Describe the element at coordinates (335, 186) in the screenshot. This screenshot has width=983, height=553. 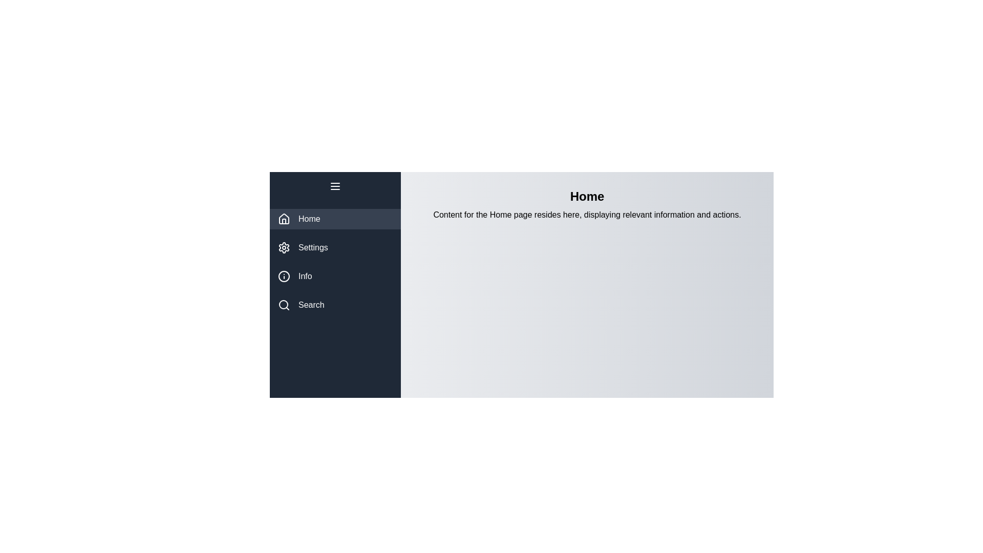
I see `the menu button to toggle the menu open or closed` at that location.